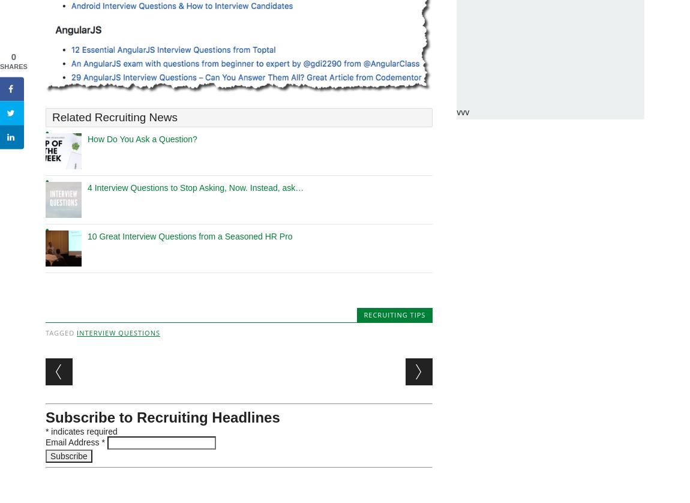 The height and width of the screenshot is (503, 690). Describe the element at coordinates (82, 431) in the screenshot. I see `'indicates required'` at that location.